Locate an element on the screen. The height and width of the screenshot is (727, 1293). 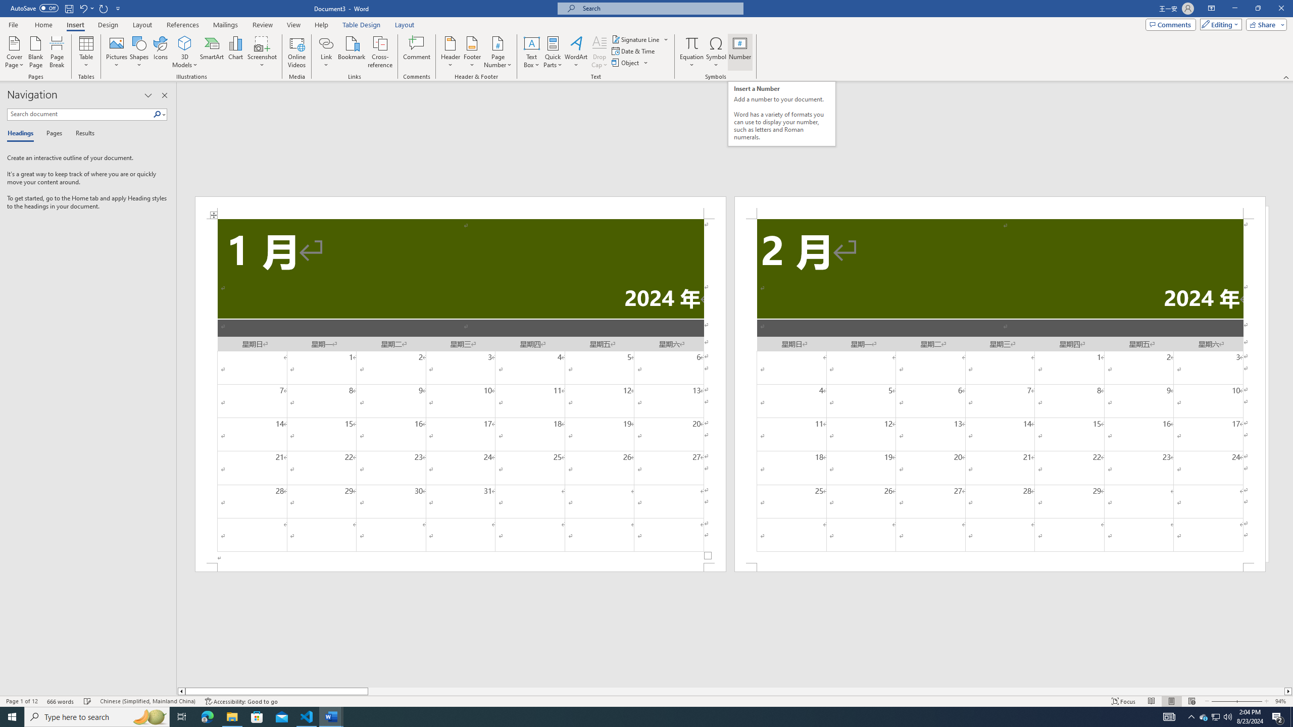
'Text Box' is located at coordinates (531, 52).